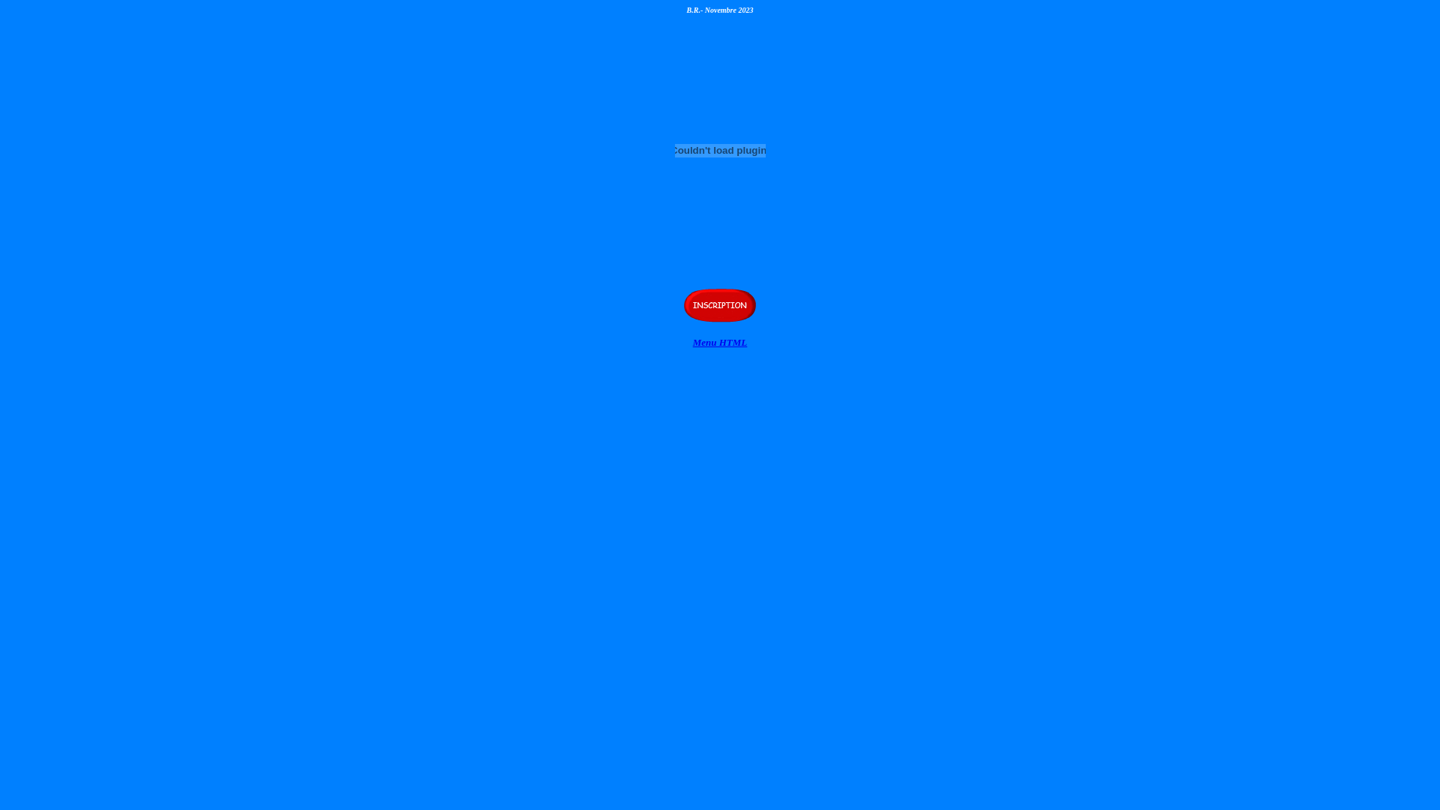 The image size is (1440, 810). What do you see at coordinates (720, 341) in the screenshot?
I see `'Menu HTML'` at bounding box center [720, 341].